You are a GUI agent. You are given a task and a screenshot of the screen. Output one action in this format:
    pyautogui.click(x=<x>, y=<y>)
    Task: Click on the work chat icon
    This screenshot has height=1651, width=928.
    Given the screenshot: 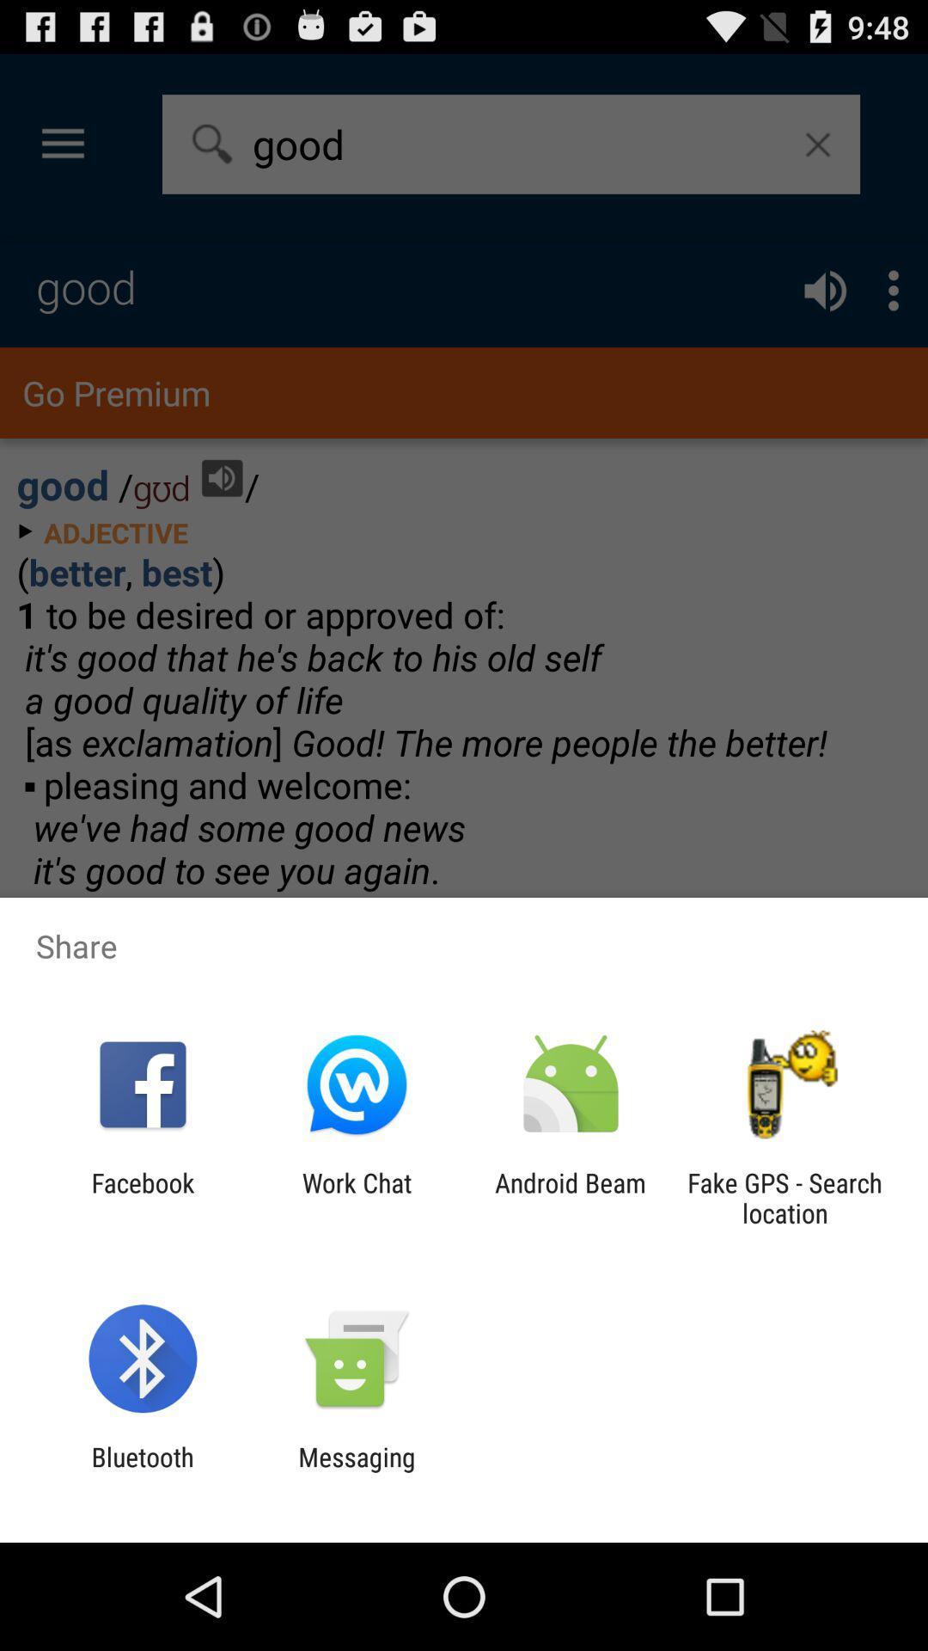 What is the action you would take?
    pyautogui.click(x=356, y=1197)
    